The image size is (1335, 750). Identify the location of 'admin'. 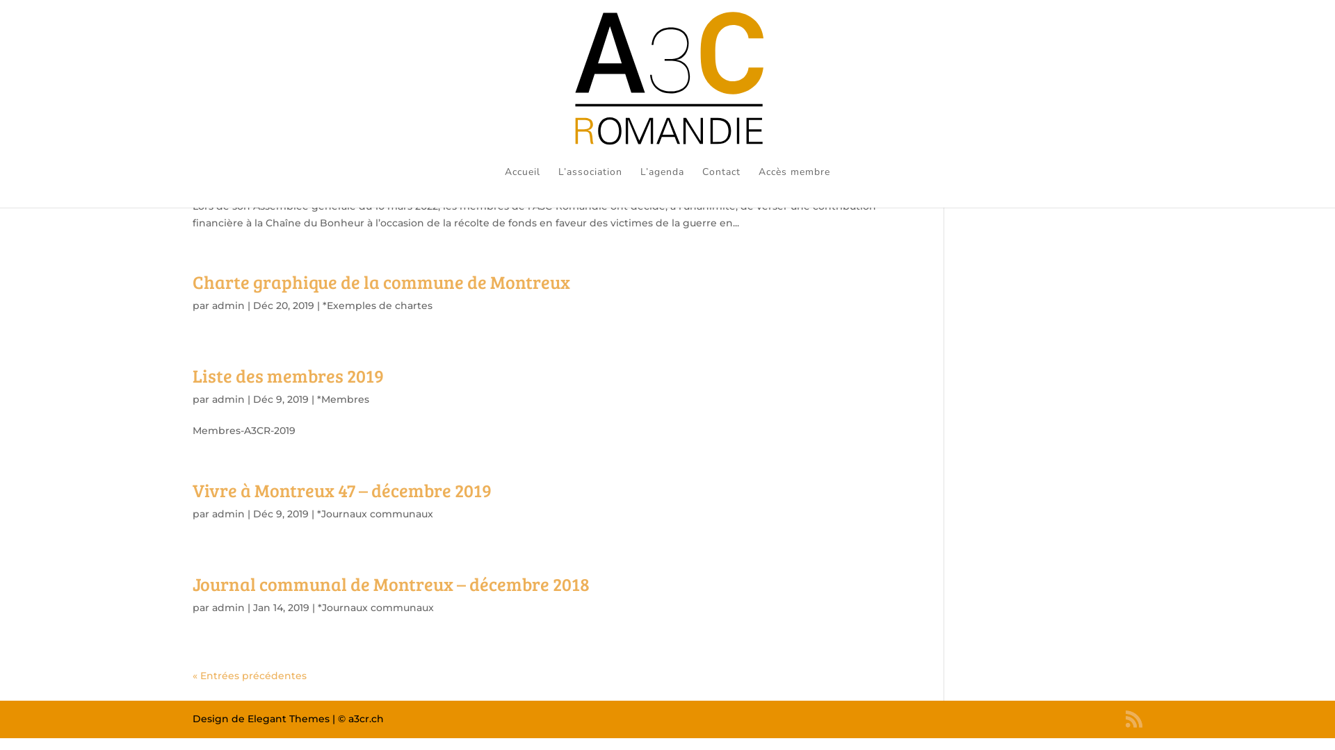
(228, 304).